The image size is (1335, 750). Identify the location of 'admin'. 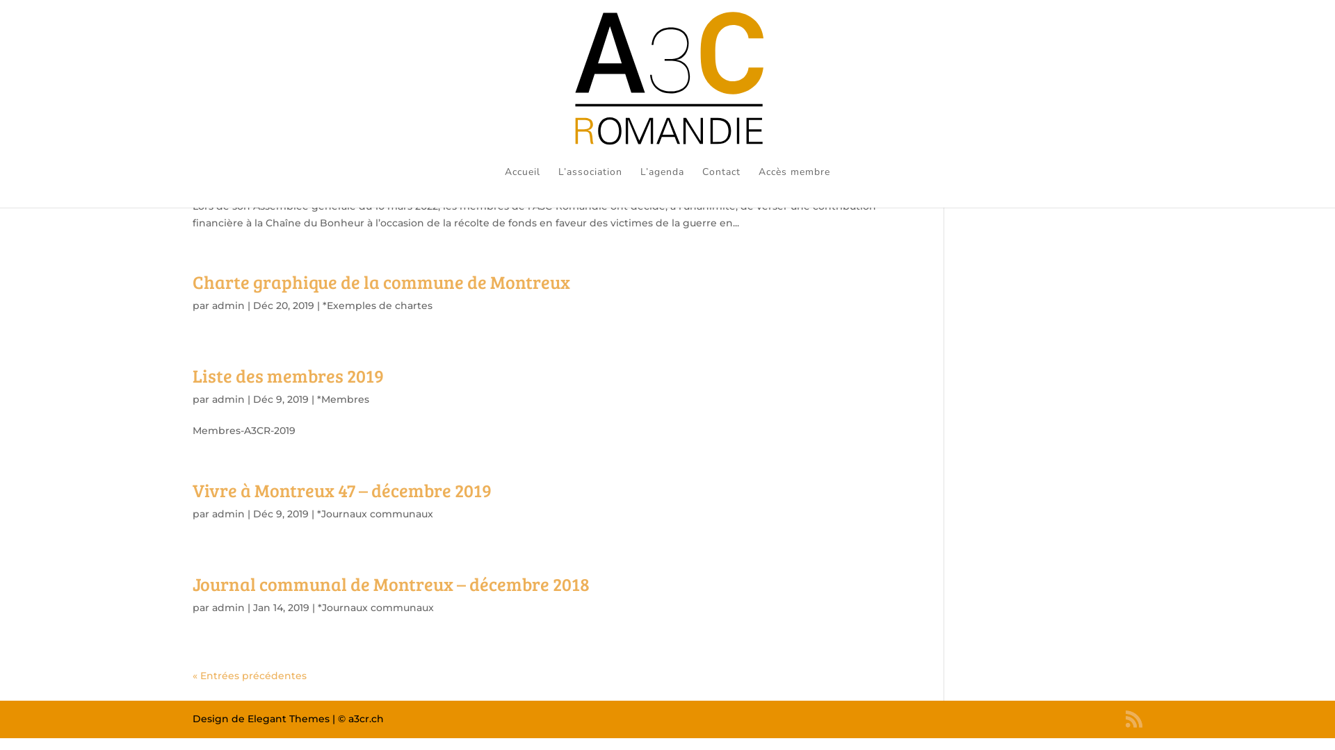
(228, 304).